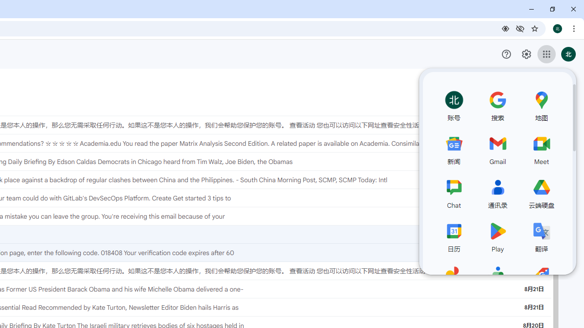  I want to click on 'Bookmark this tab', so click(534, 28).